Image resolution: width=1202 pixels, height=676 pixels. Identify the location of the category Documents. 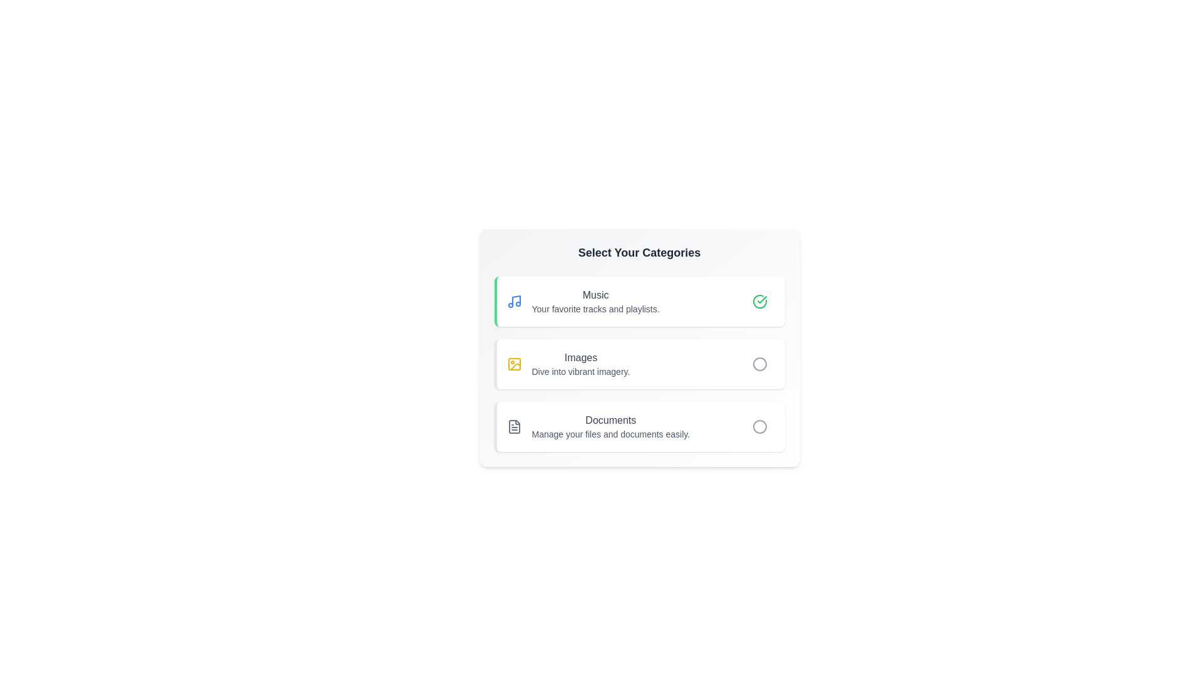
(639, 426).